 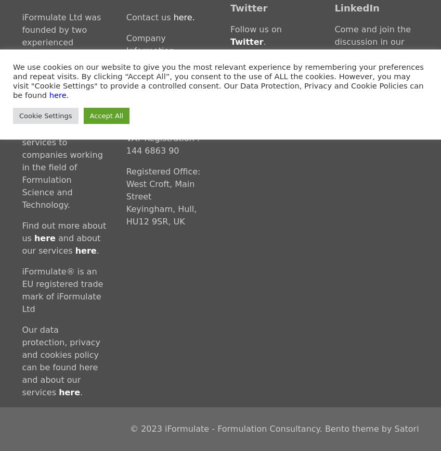 I want to click on 'Find out more about us', so click(x=63, y=231).